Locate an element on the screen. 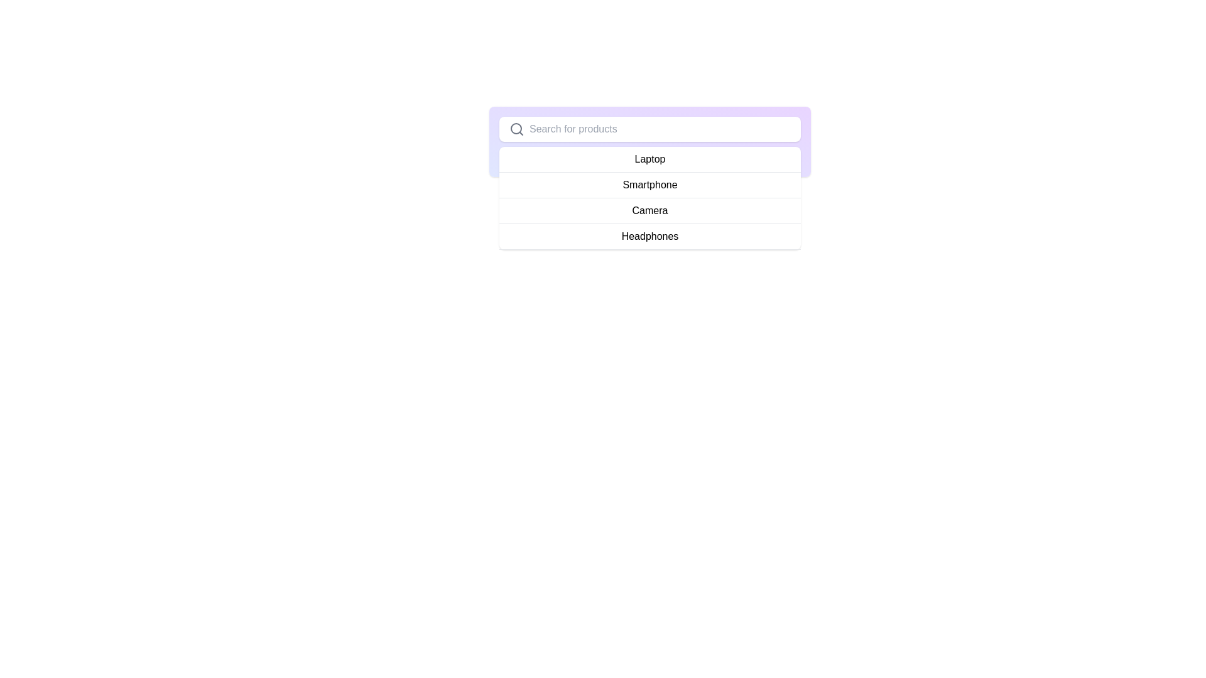 This screenshot has height=678, width=1206. the menu option labeled 'Smartphone' which is the second item in a vertical dropdown menu is located at coordinates (650, 185).